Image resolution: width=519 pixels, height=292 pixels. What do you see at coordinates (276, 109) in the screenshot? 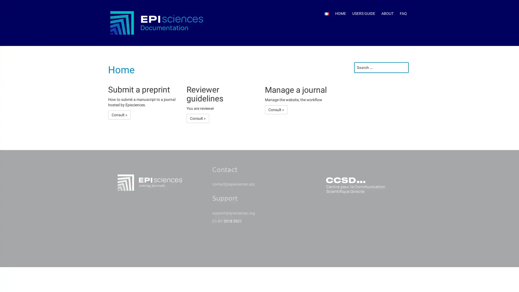
I see `Consult` at bounding box center [276, 109].